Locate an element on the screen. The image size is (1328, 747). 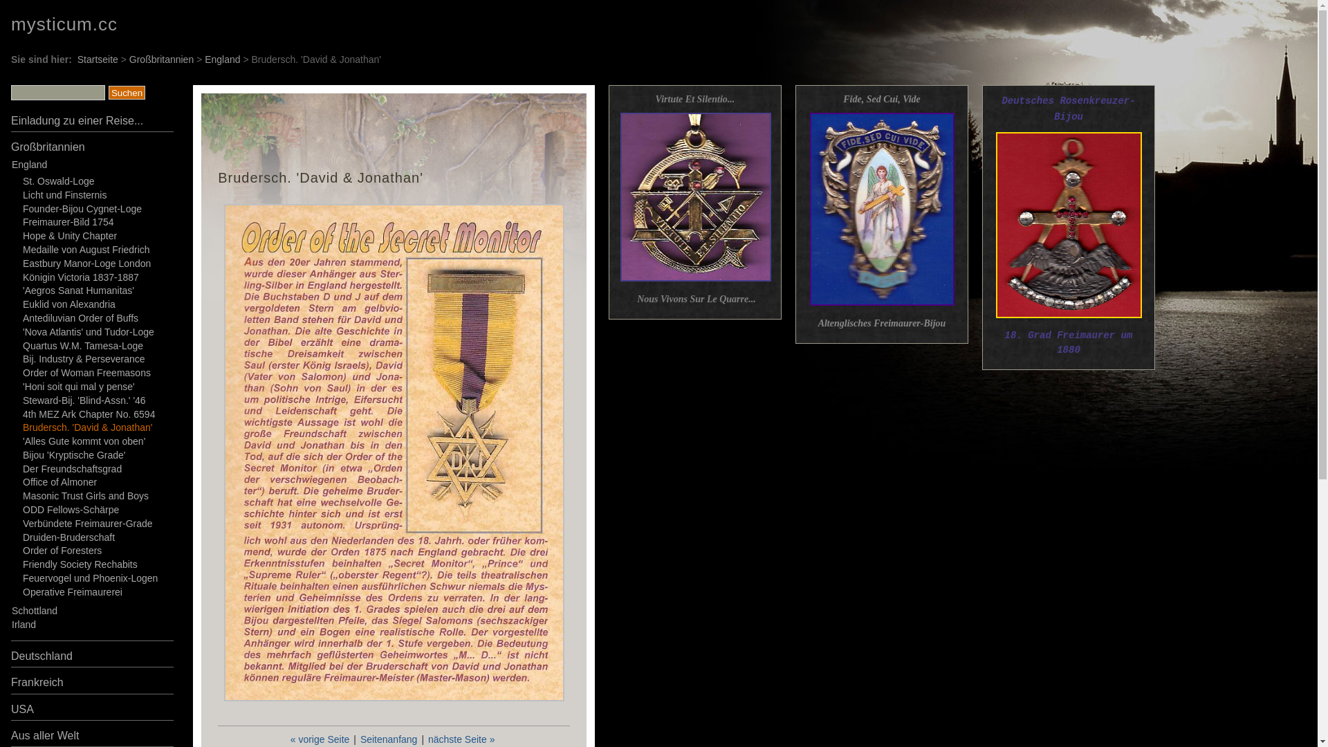
'Steward-Bij. 'Blind-Assn.' '46' is located at coordinates (23, 400).